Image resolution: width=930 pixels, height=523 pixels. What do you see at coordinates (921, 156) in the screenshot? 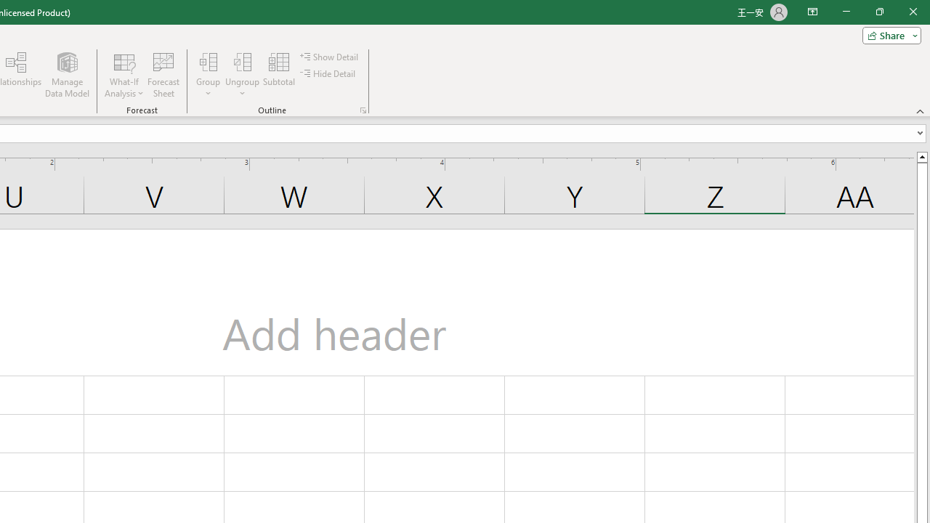
I see `'Line up'` at bounding box center [921, 156].